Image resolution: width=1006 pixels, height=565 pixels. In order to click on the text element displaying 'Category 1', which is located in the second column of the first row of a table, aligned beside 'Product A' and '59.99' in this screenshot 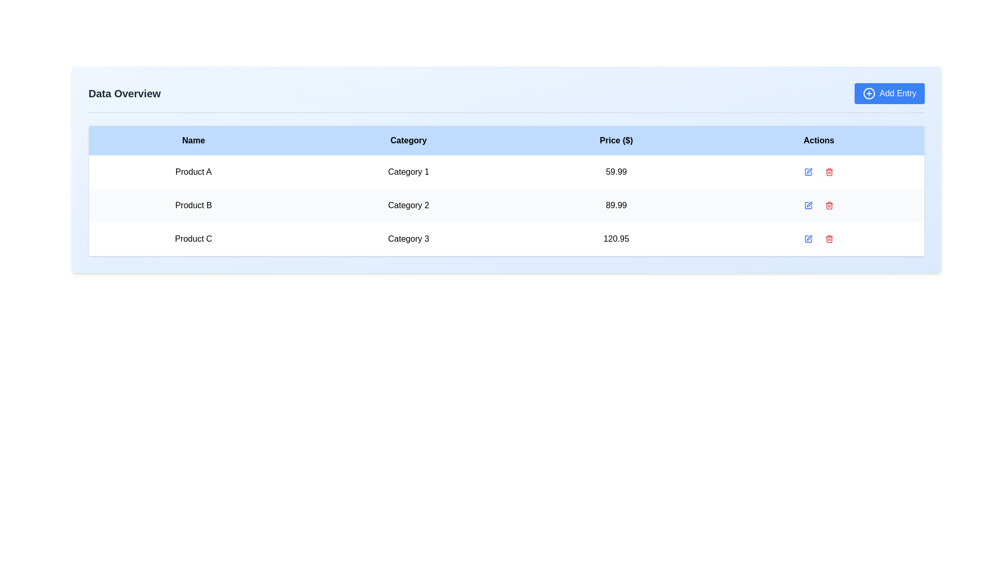, I will do `click(408, 171)`.